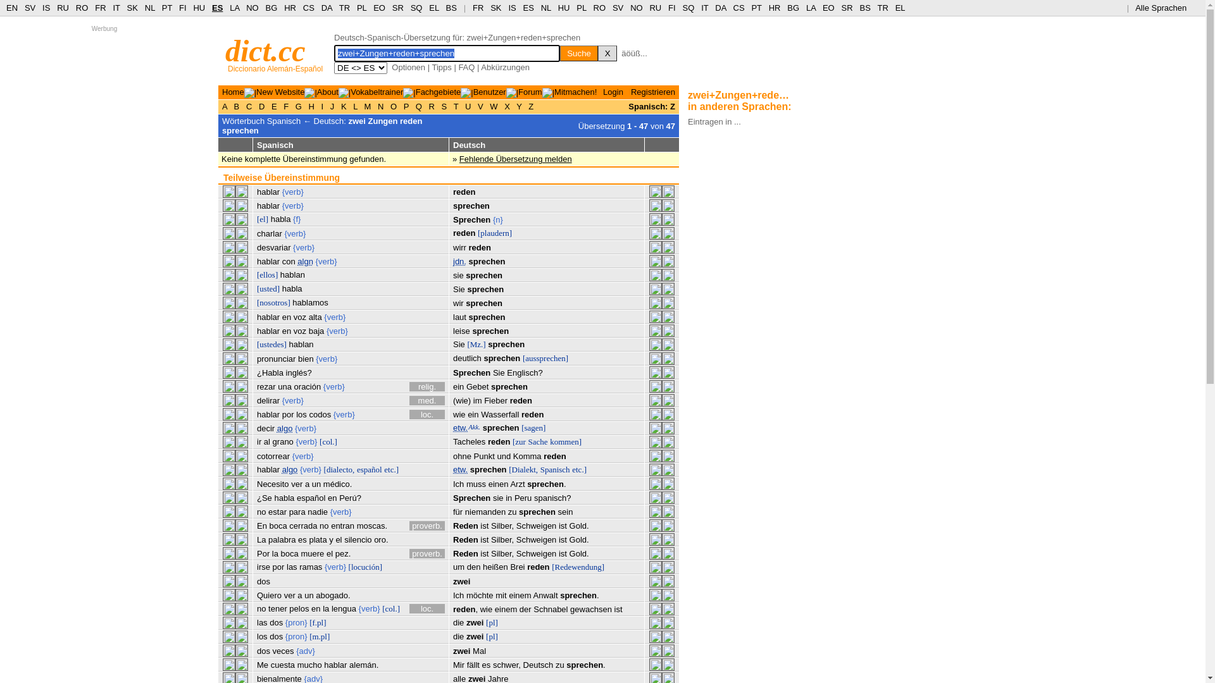  What do you see at coordinates (282, 261) in the screenshot?
I see `'con'` at bounding box center [282, 261].